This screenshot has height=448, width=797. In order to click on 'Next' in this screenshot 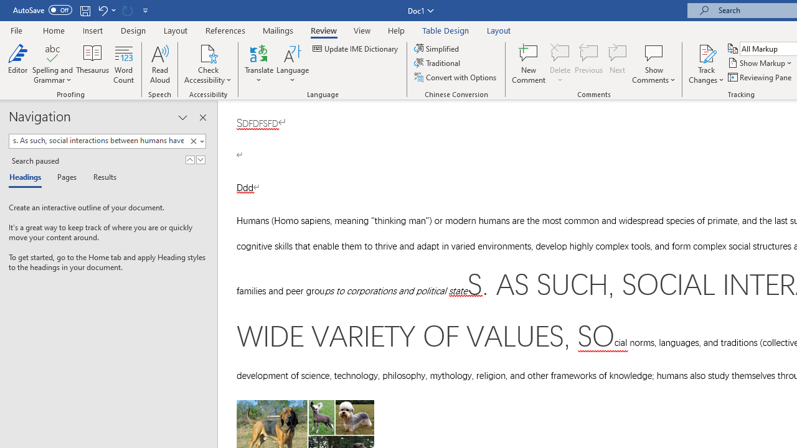, I will do `click(618, 64)`.